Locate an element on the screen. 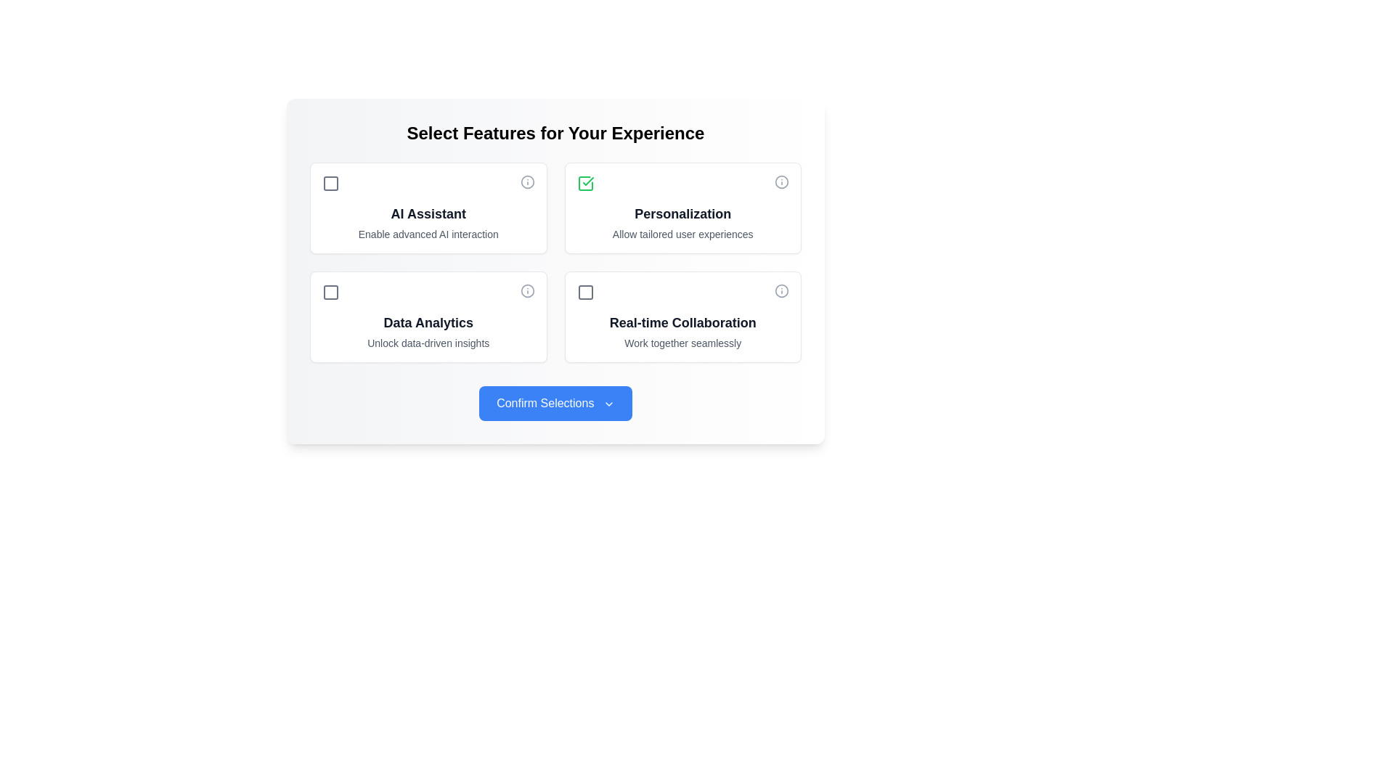  the checkbox is located at coordinates (330, 183).